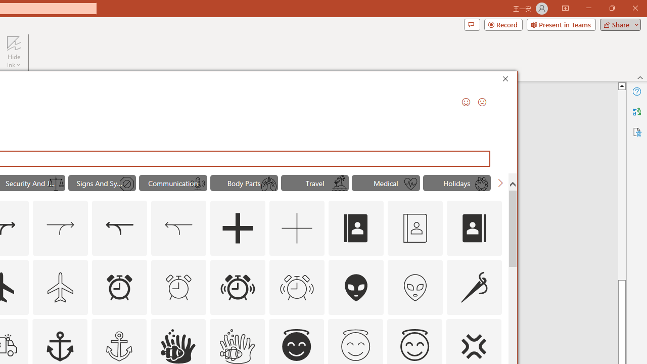 Image resolution: width=647 pixels, height=364 pixels. What do you see at coordinates (56, 184) in the screenshot?
I see `'AutomationID: Icons_ScalesofJustice_M'` at bounding box center [56, 184].